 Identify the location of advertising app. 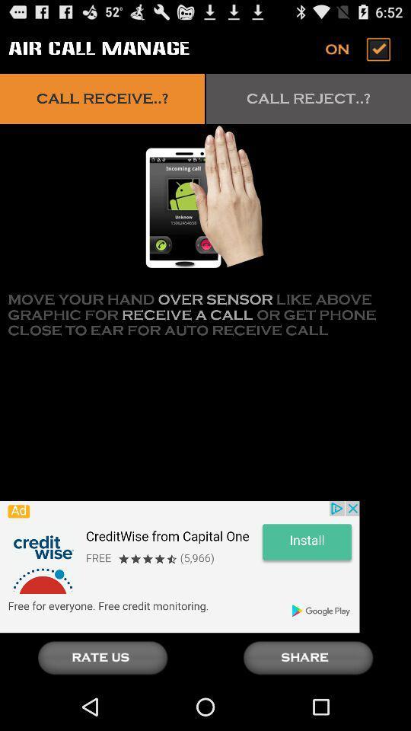
(179, 566).